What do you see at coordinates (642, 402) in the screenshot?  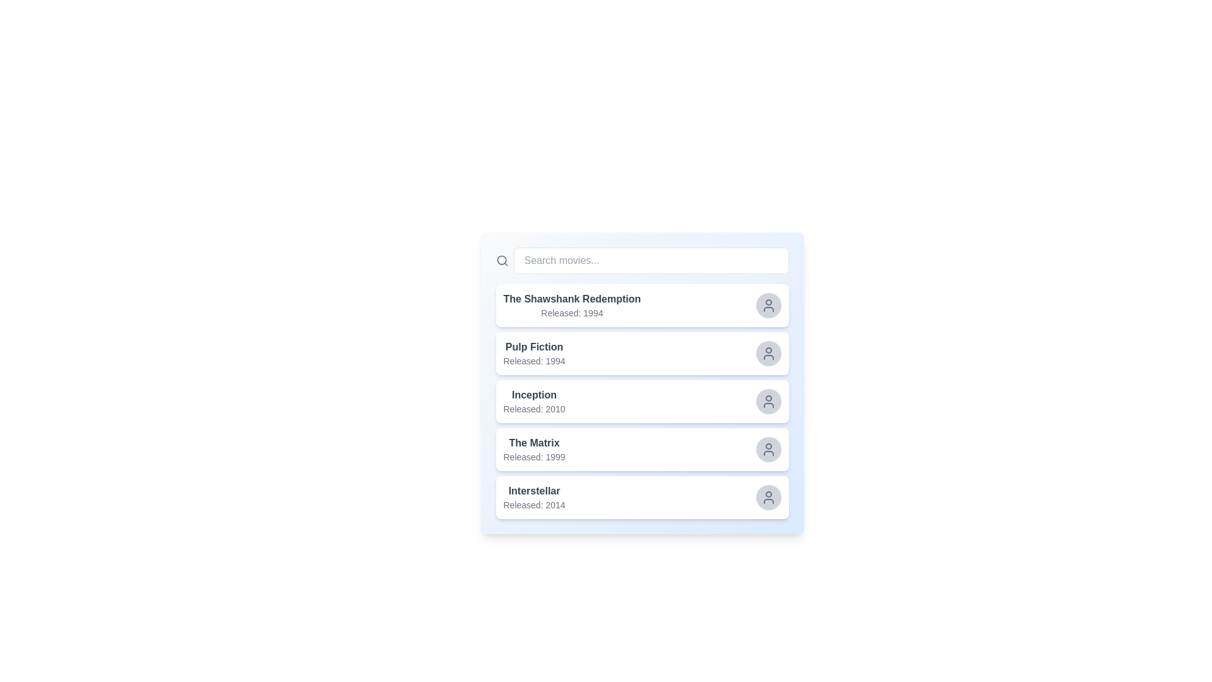 I see `the third movie entry in the list, which is located below 'Pulp Fiction' and above 'The Matrix'` at bounding box center [642, 402].